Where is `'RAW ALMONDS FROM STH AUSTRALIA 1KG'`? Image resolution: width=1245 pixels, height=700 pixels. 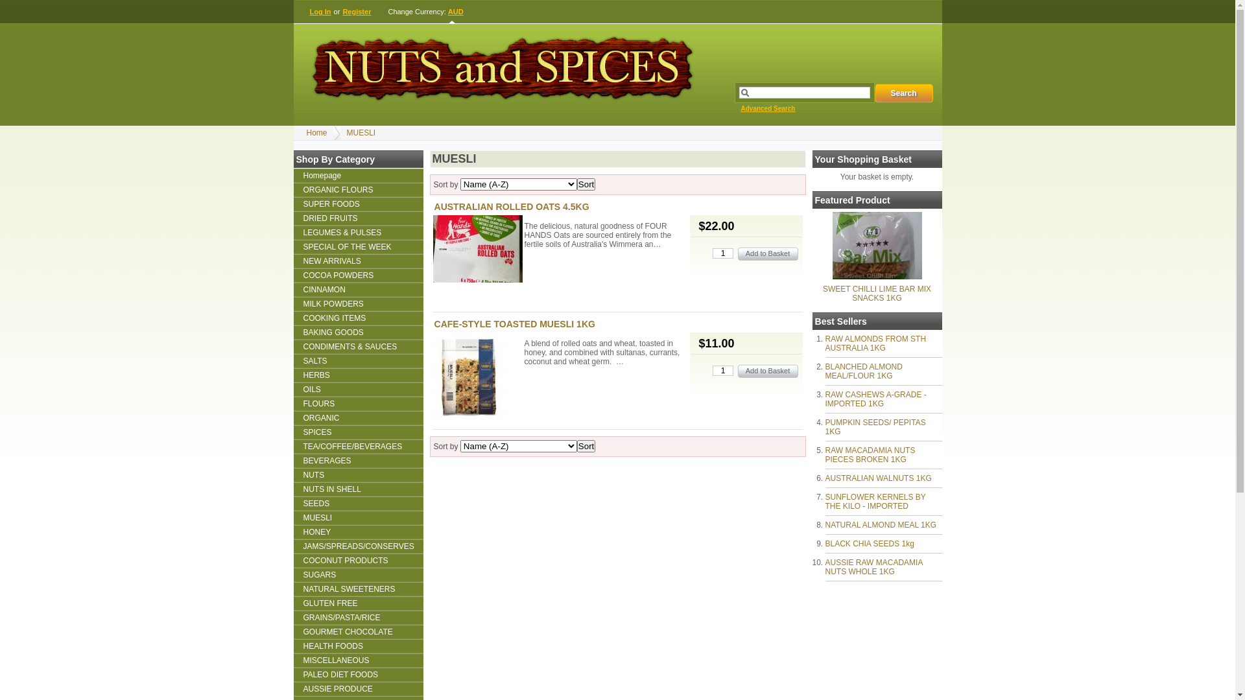 'RAW ALMONDS FROM STH AUSTRALIA 1KG' is located at coordinates (875, 342).